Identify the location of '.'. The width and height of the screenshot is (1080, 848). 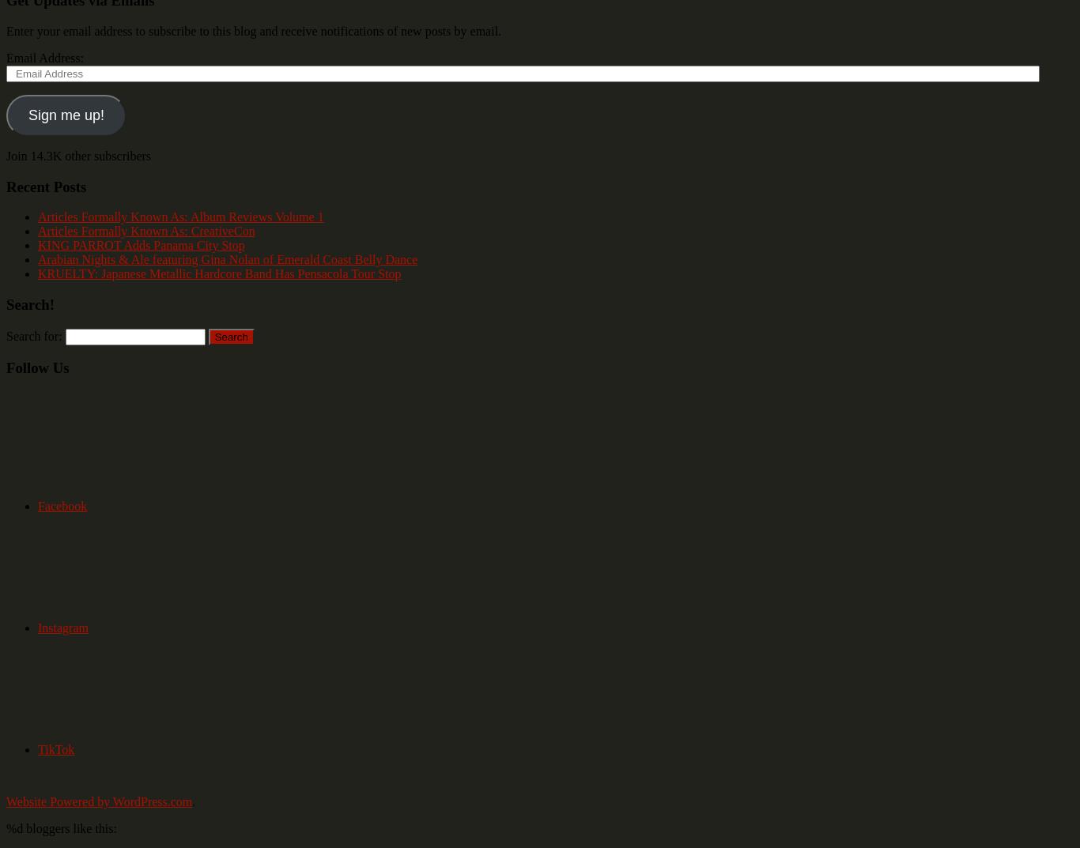
(192, 801).